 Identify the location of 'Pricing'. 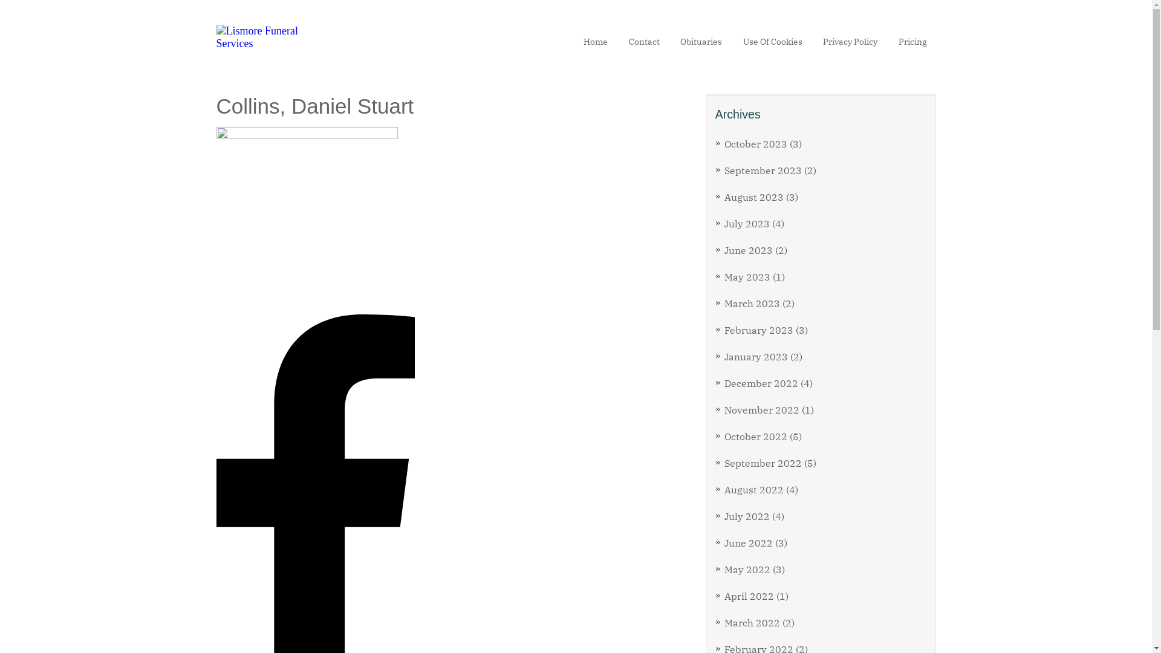
(912, 41).